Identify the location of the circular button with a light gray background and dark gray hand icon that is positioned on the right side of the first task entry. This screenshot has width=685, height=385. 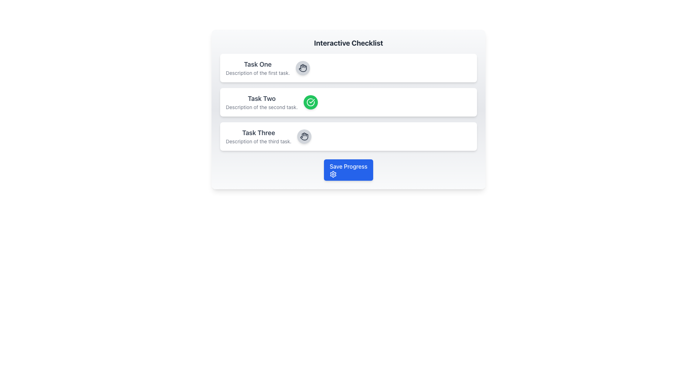
(303, 68).